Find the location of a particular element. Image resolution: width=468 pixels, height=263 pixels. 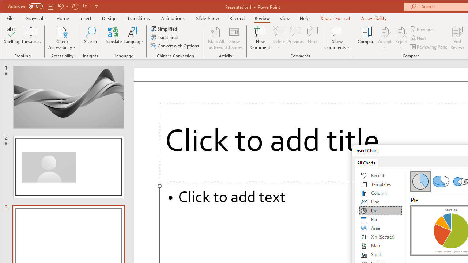

'Area' is located at coordinates (380, 228).